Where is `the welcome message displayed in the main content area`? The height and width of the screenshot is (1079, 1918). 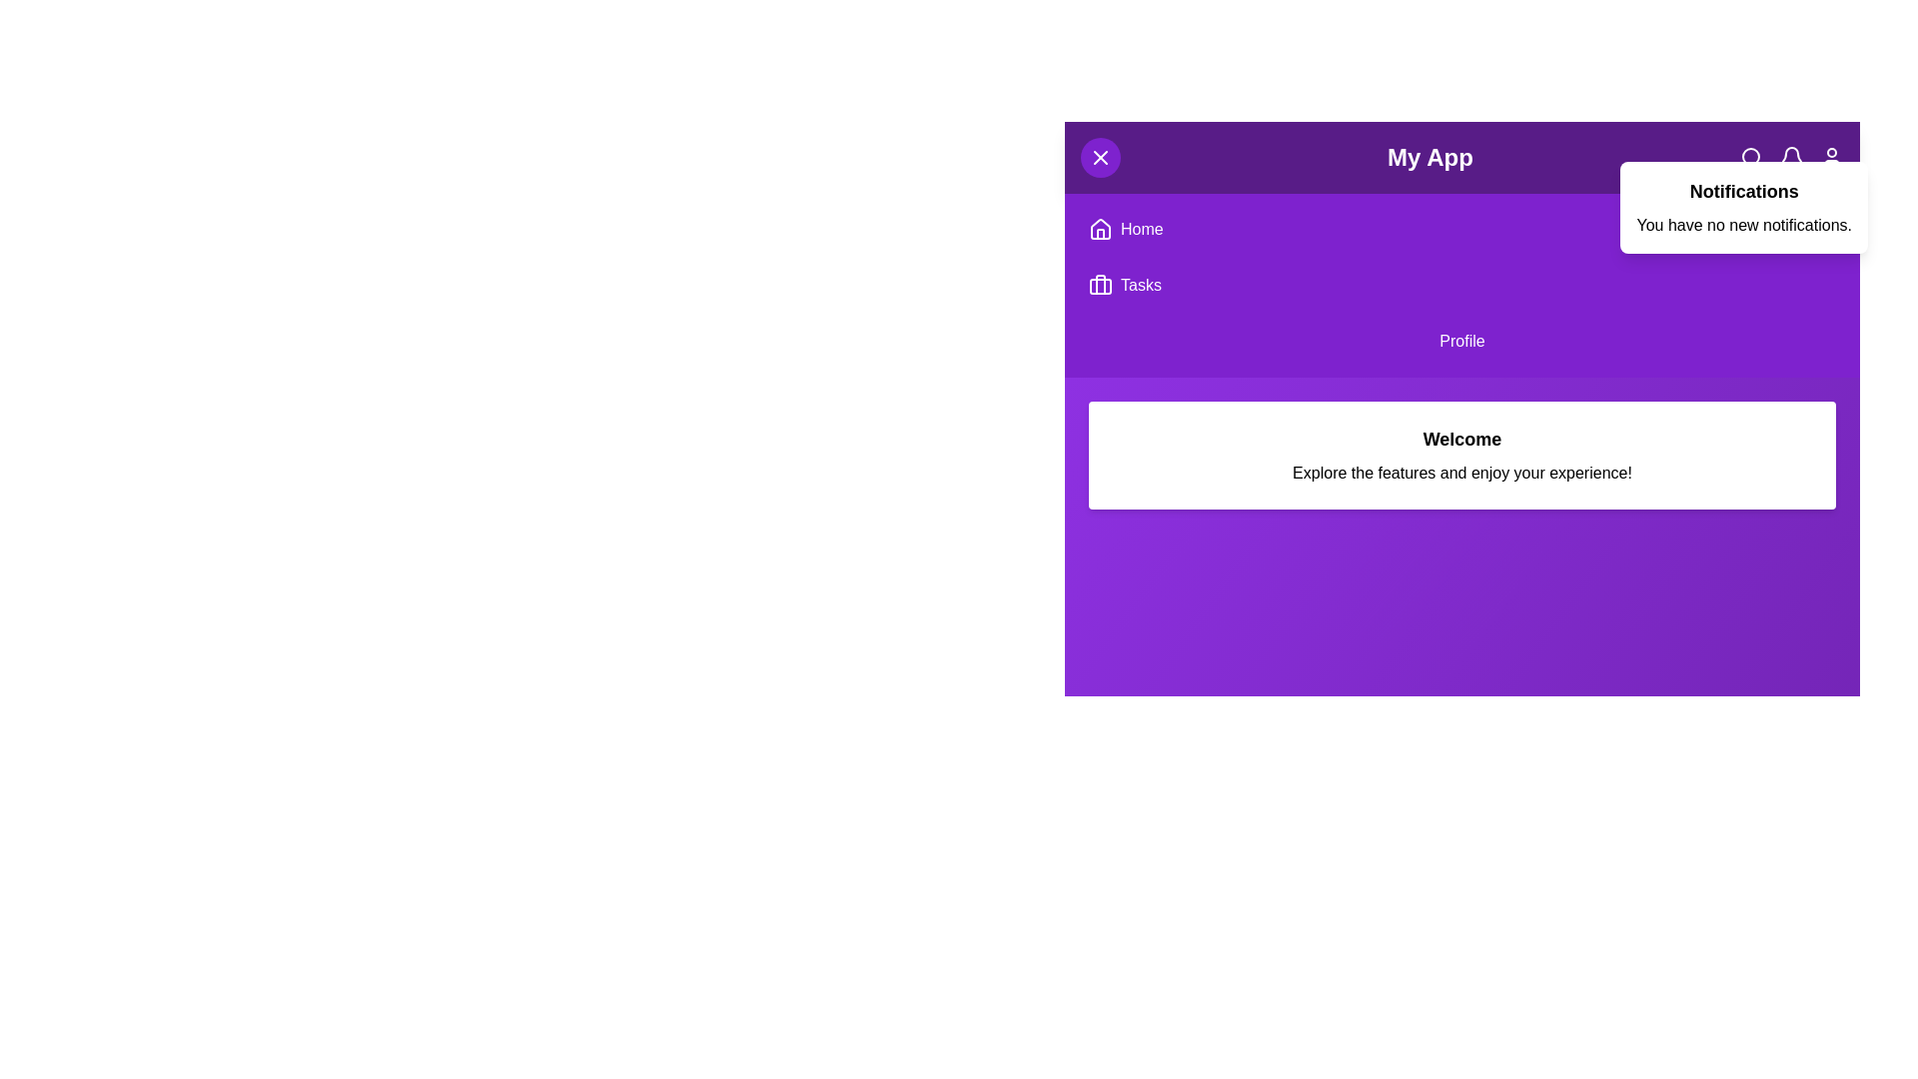 the welcome message displayed in the main content area is located at coordinates (1462, 438).